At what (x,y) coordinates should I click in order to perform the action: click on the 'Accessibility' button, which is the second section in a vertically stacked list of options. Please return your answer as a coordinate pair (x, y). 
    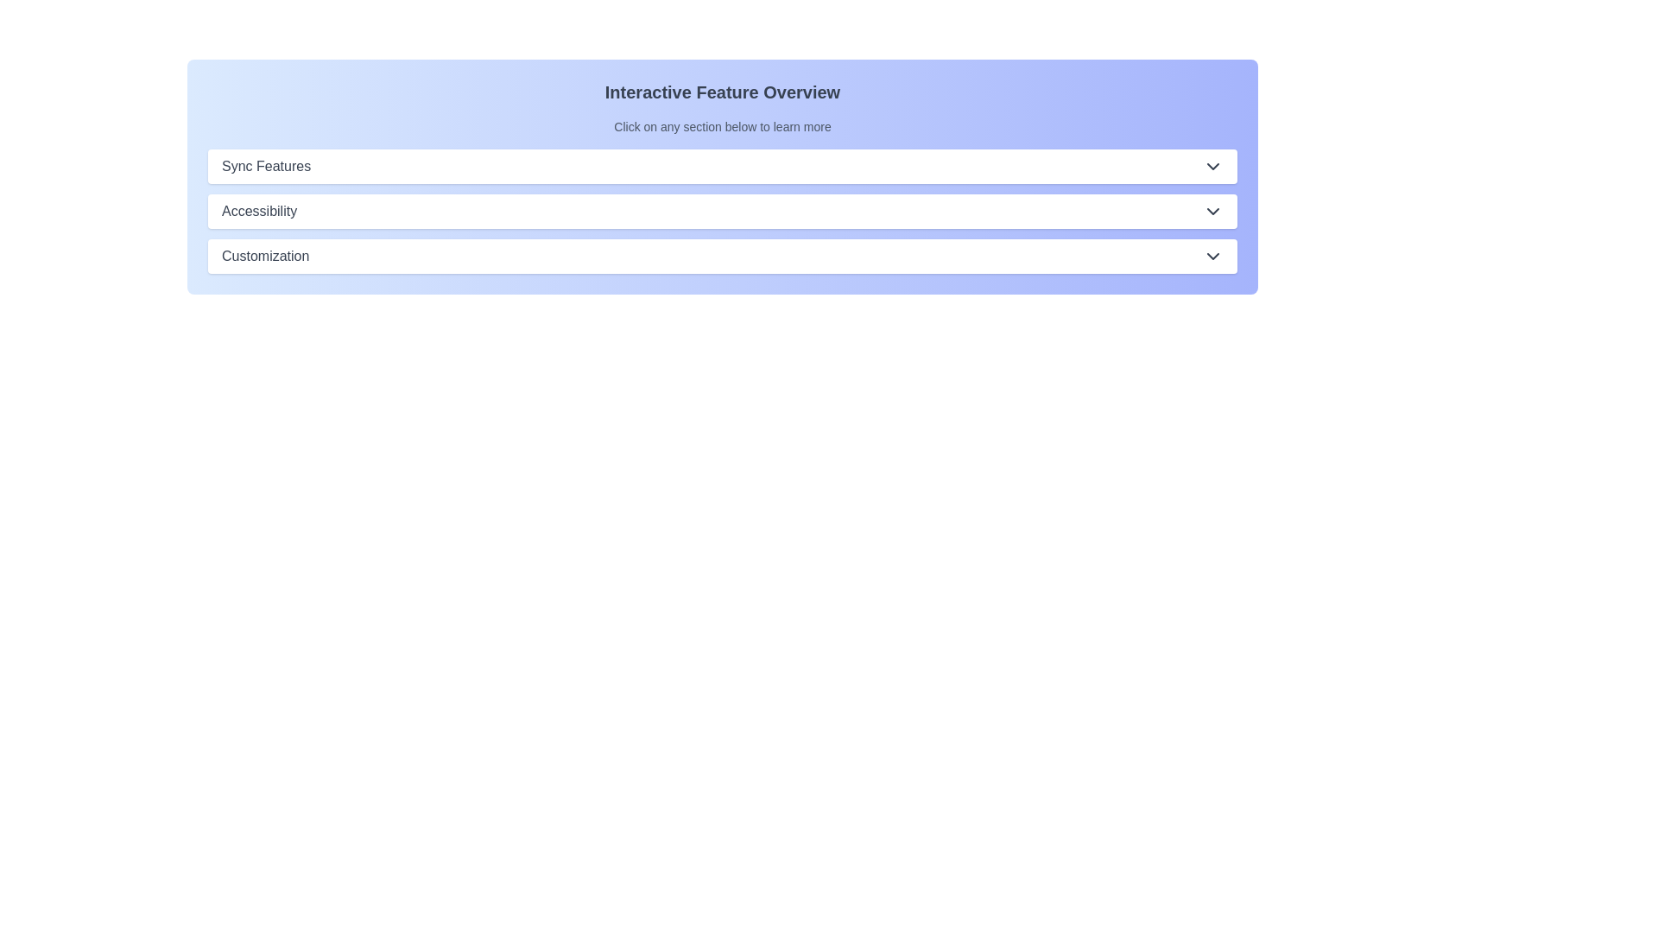
    Looking at the image, I should click on (722, 211).